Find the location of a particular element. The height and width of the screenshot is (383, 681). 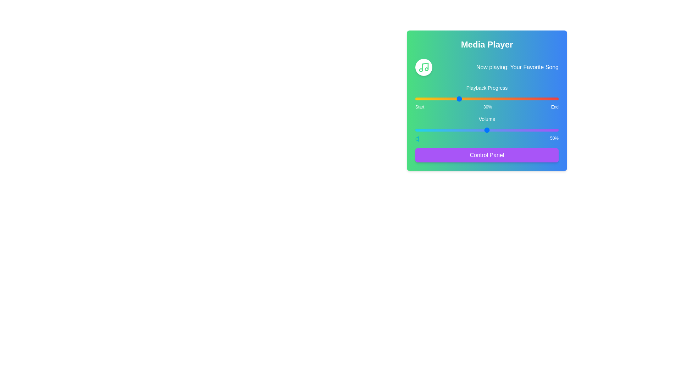

the volume slider to 10% is located at coordinates (429, 130).